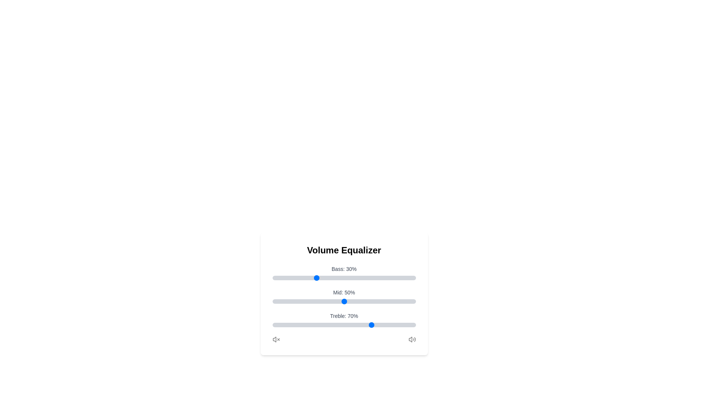 The width and height of the screenshot is (717, 403). What do you see at coordinates (383, 278) in the screenshot?
I see `the Bass slider to set its value to 77` at bounding box center [383, 278].